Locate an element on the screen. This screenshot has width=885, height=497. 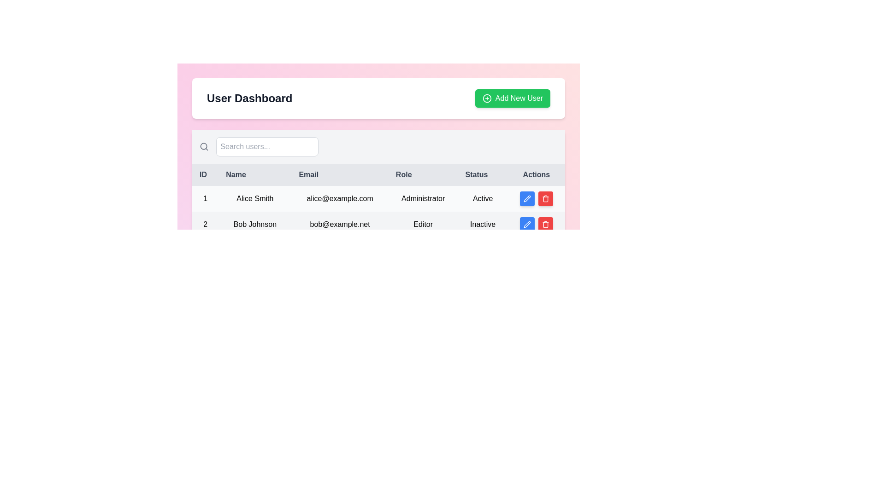
the second row of the table that displays detailed information about the user 'Bob Johnson' is located at coordinates (378, 225).